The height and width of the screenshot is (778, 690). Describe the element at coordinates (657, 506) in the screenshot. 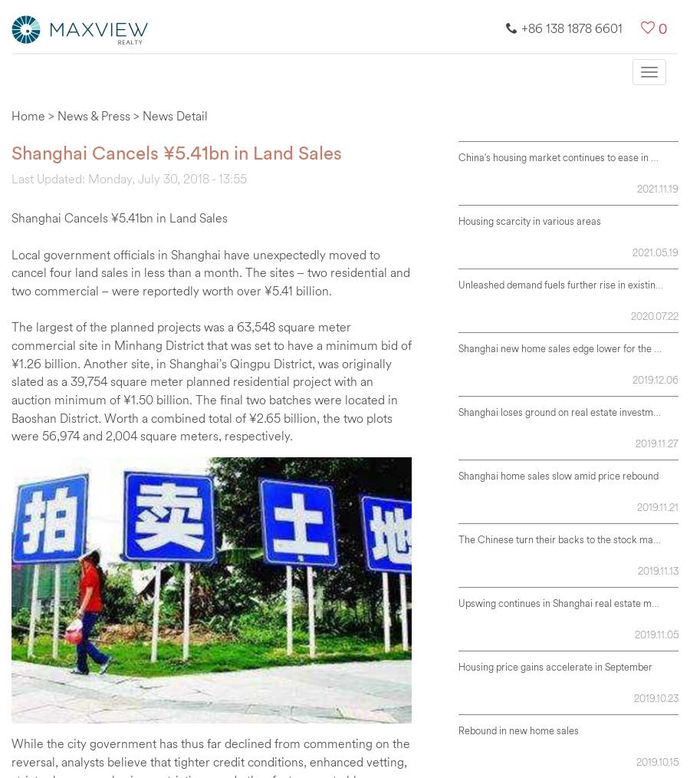

I see `'2019.11.21'` at that location.